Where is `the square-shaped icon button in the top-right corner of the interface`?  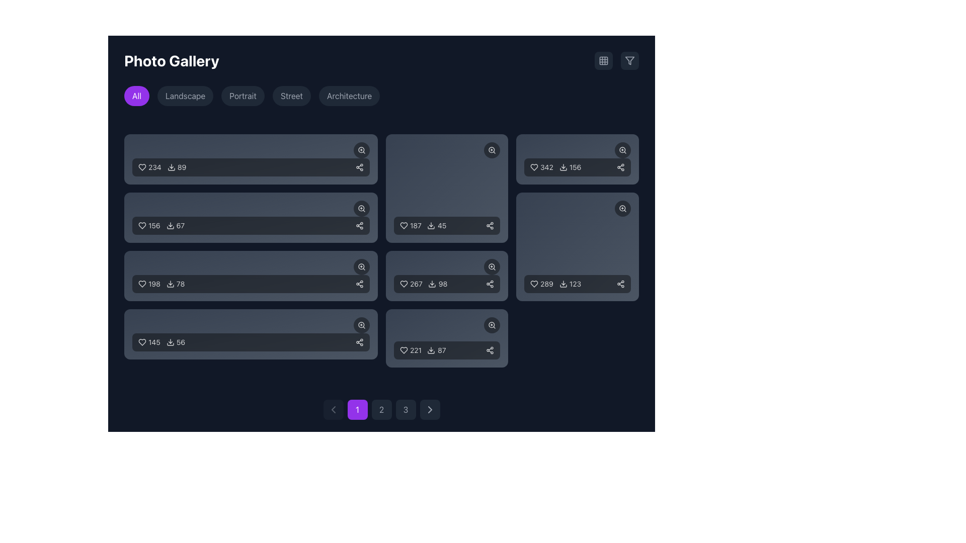 the square-shaped icon button in the top-right corner of the interface is located at coordinates (604, 60).